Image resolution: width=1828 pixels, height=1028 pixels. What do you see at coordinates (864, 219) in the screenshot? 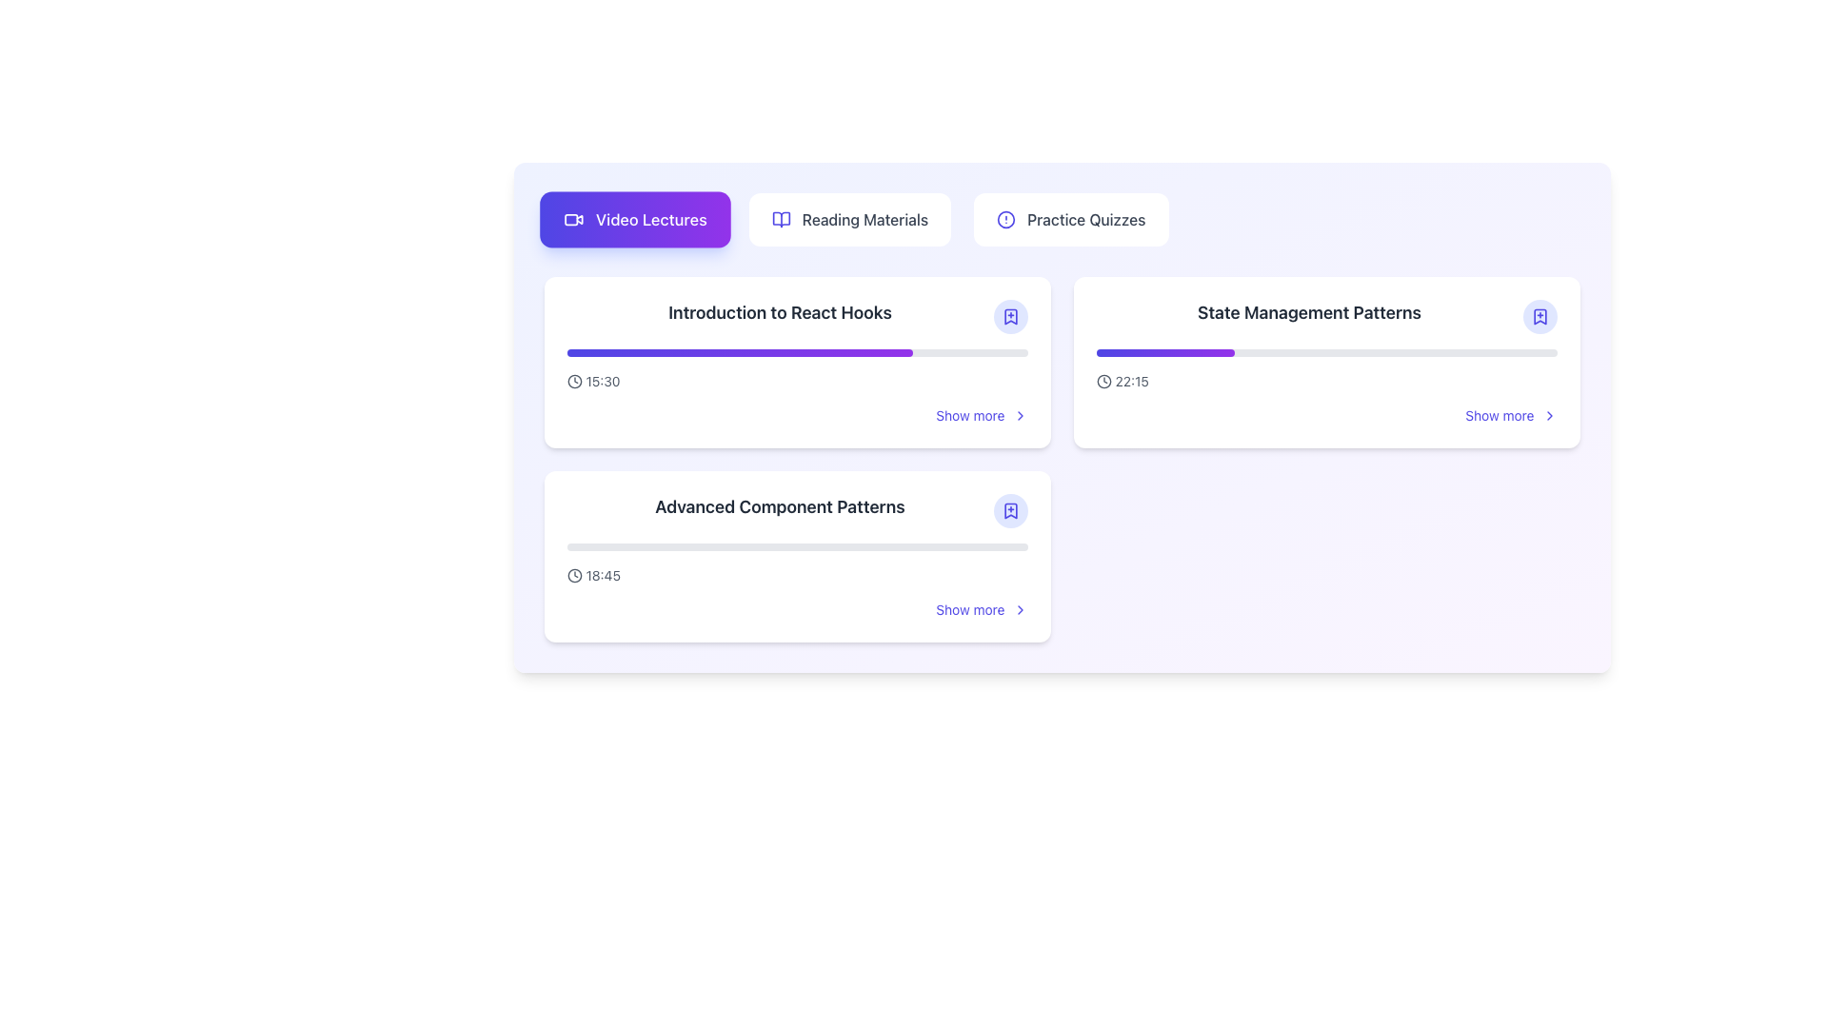
I see `the 'Reading Materials' text label located in the middle of the navigation bar, between 'Video Lectures' and 'Practice Quizzes'` at bounding box center [864, 219].